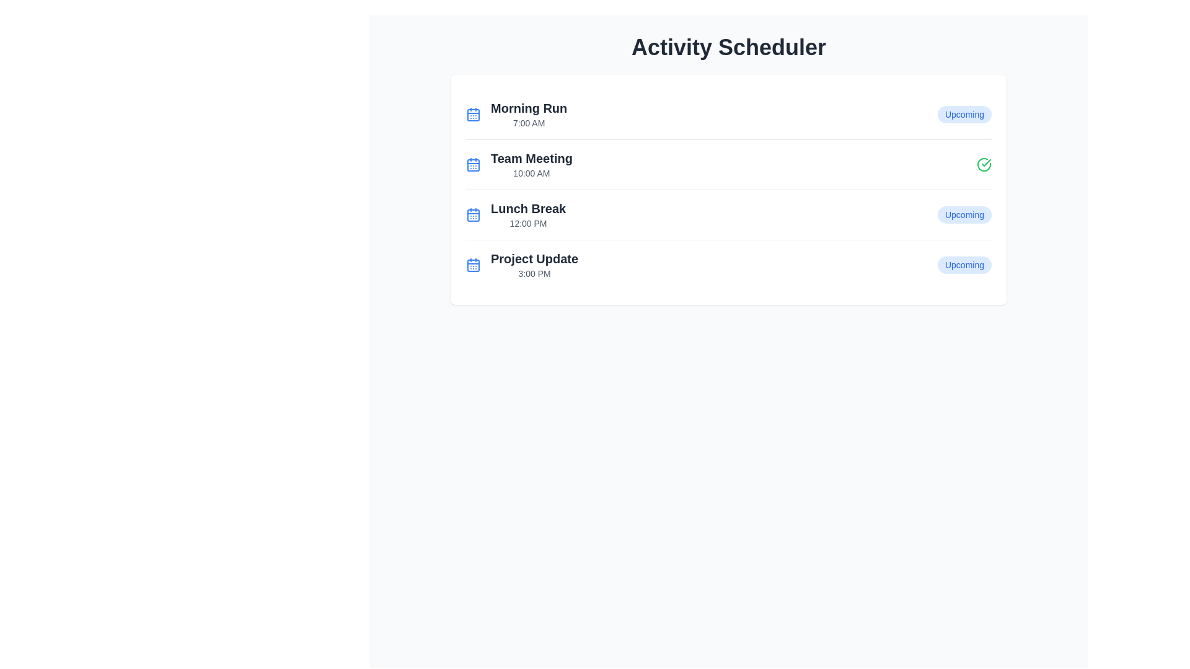 This screenshot has width=1190, height=669. I want to click on the static text label displaying '12:00 PM', which is styled in a small, gray font and positioned below the larger text 'Lunch Break' in the activity scheduler list, so click(528, 224).